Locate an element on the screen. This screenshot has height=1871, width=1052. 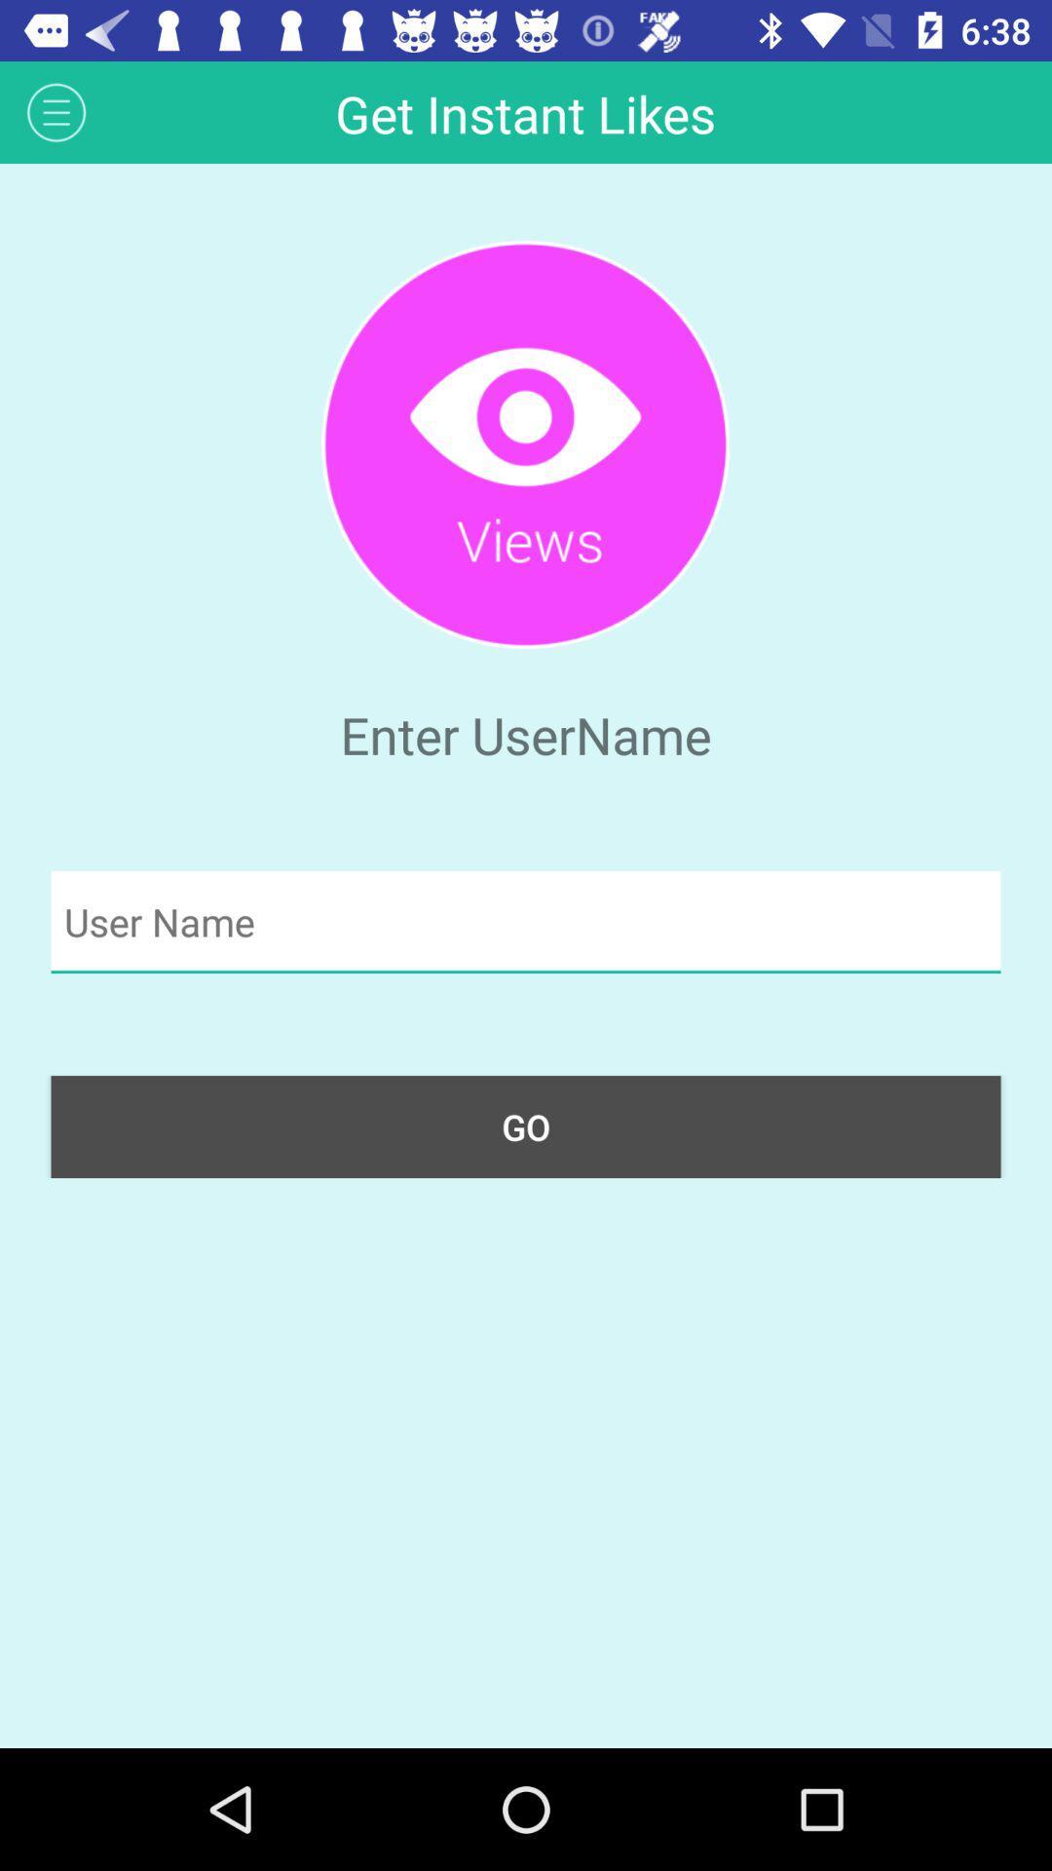
the menu icon is located at coordinates (56, 111).